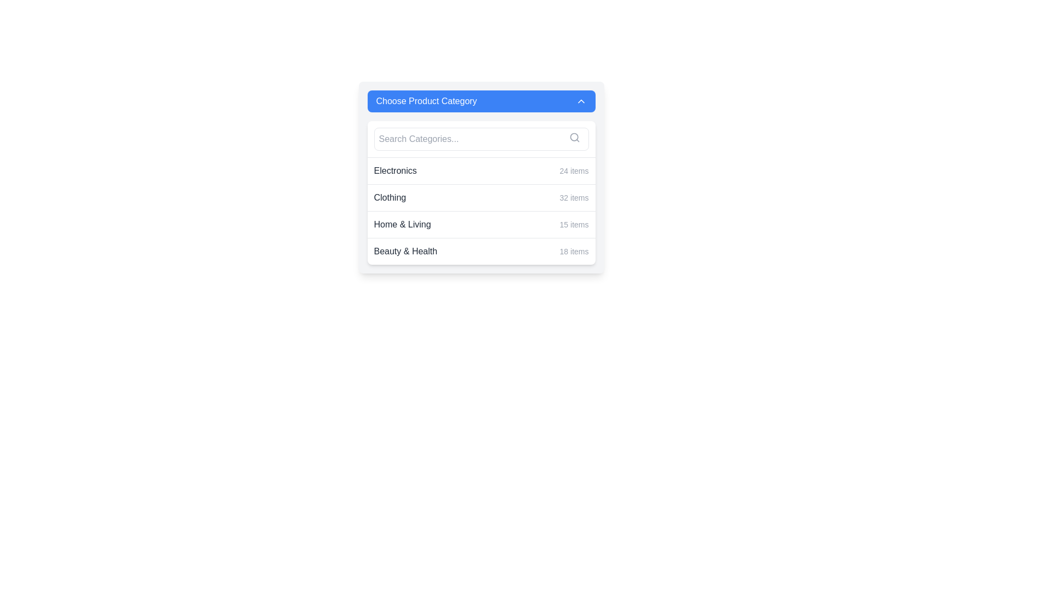 The height and width of the screenshot is (592, 1052). I want to click on the 'Clothing' category list item, so click(481, 192).